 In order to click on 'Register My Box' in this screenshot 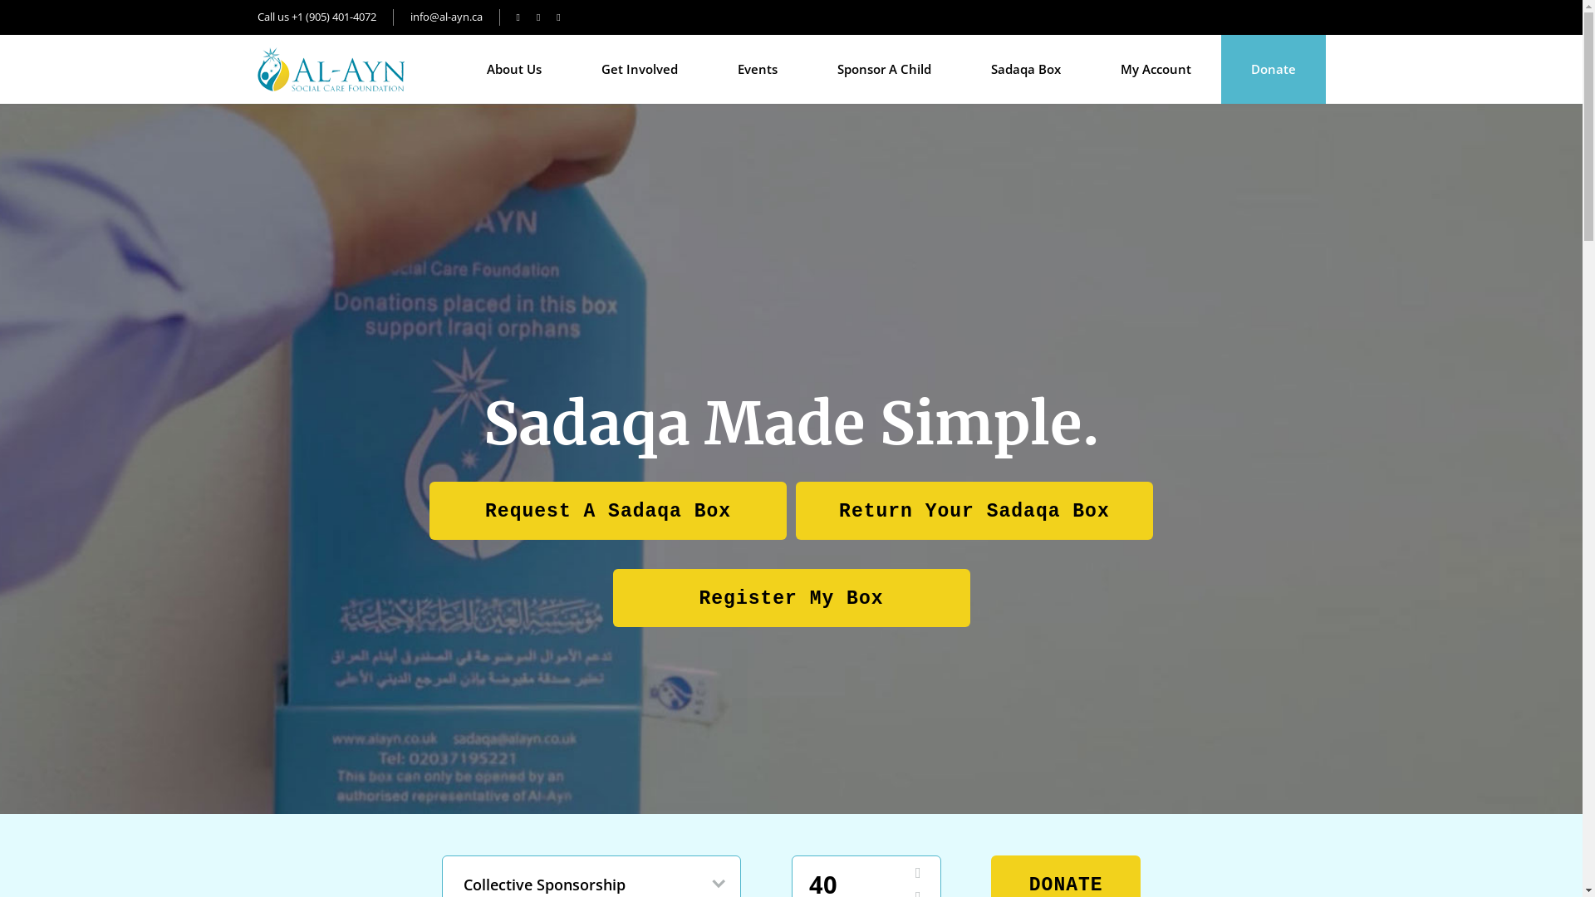, I will do `click(791, 596)`.